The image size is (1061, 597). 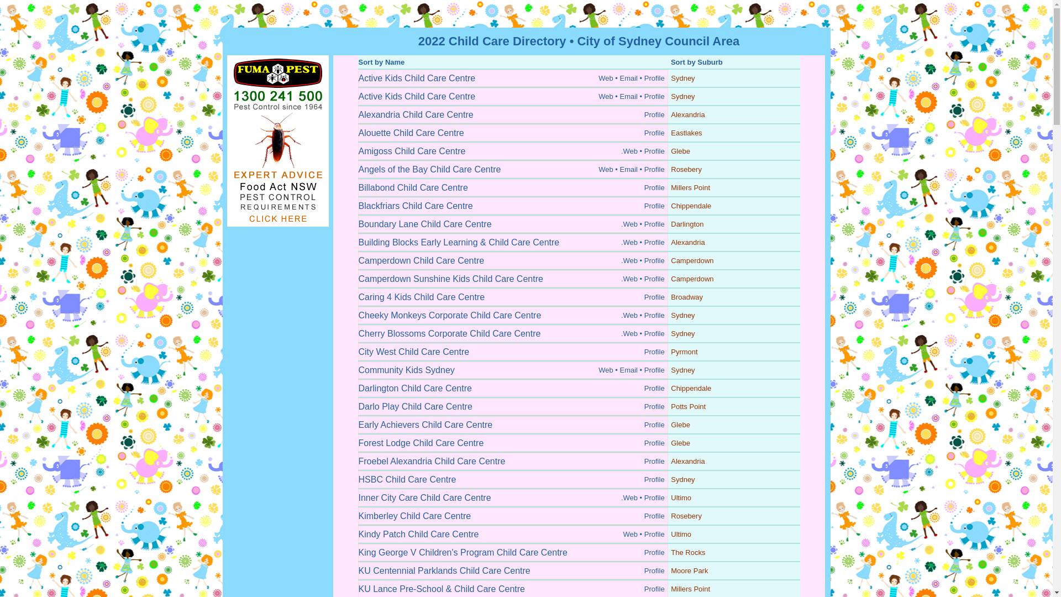 What do you see at coordinates (687, 406) in the screenshot?
I see `'Potts Point'` at bounding box center [687, 406].